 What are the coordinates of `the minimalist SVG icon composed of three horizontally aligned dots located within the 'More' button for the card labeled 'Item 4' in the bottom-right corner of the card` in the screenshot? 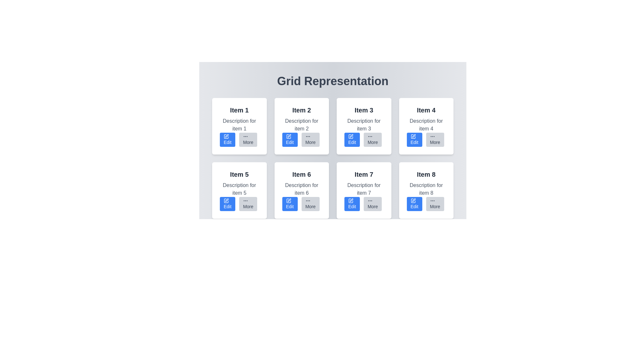 It's located at (432, 136).